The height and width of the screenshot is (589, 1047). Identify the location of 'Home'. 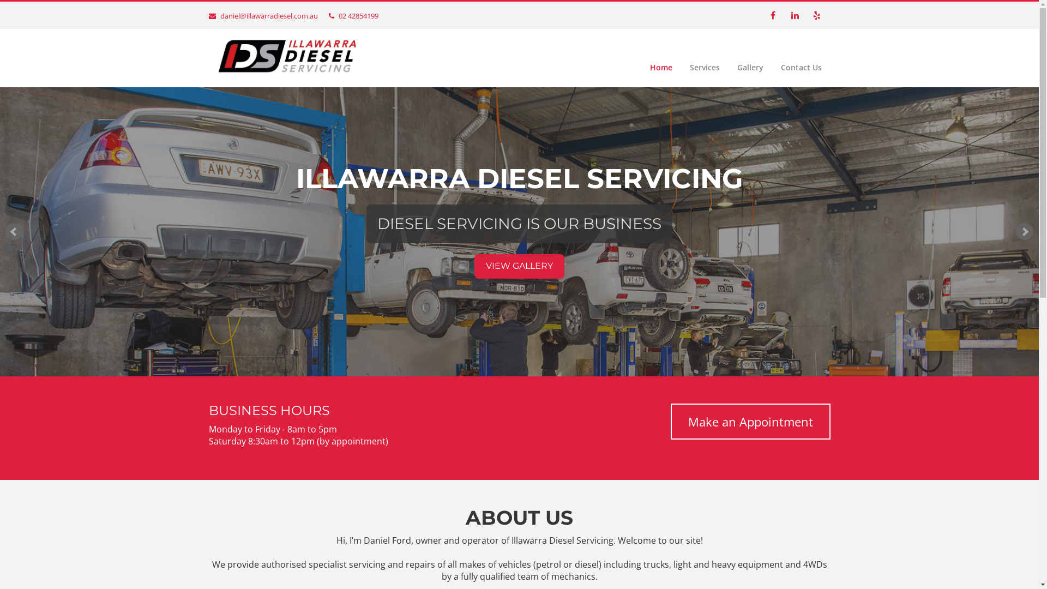
(660, 67).